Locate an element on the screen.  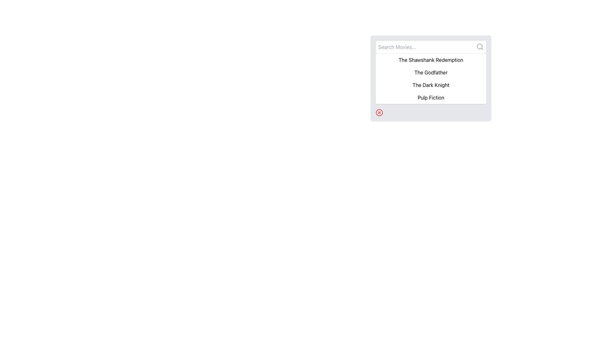
to select the movie title 'The Shawshank Redemption' from the dropdown menu is located at coordinates (430, 60).